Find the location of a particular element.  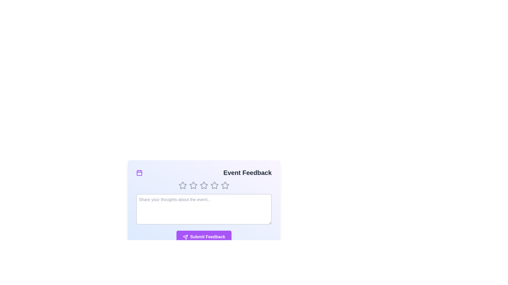

the first star rating icon is located at coordinates (183, 185).